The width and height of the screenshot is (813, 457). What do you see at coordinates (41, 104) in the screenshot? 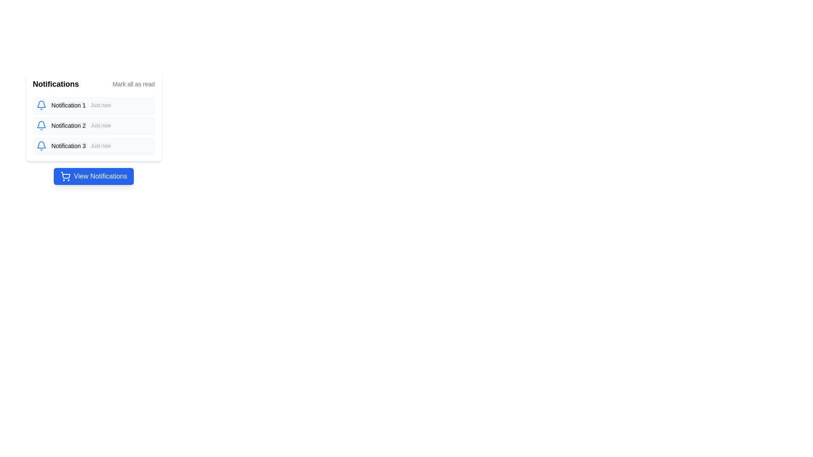
I see `the bell-like notification icon with a blue outline if it is enabled` at bounding box center [41, 104].